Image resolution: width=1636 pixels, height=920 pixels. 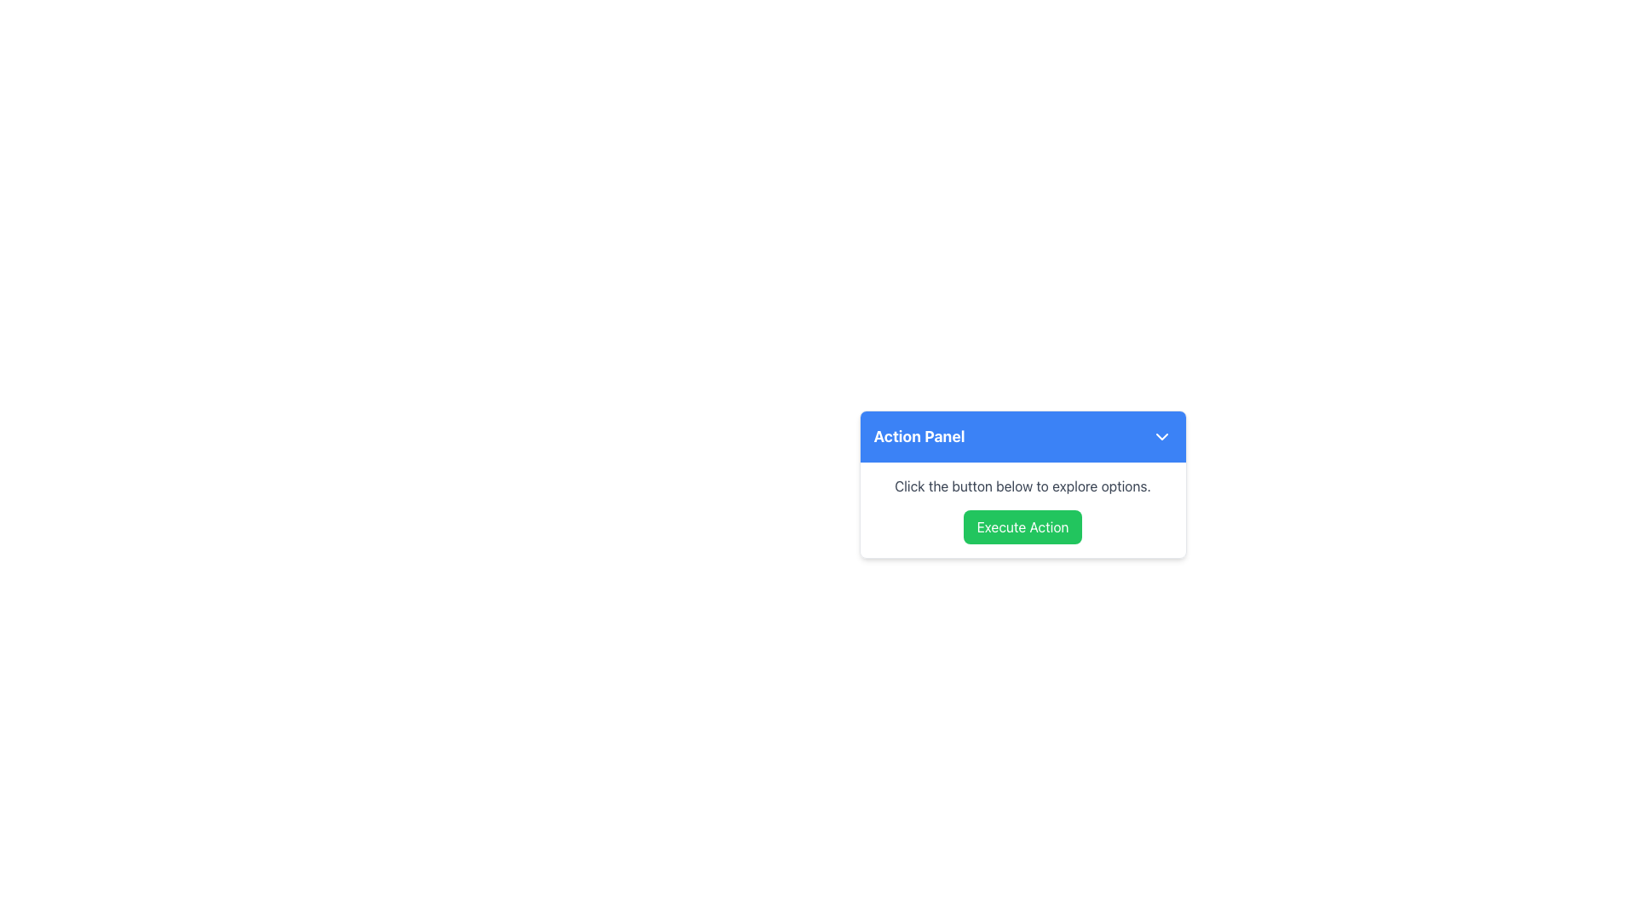 I want to click on the button with the green background and bold white text stating 'Execute Action', so click(x=1022, y=526).